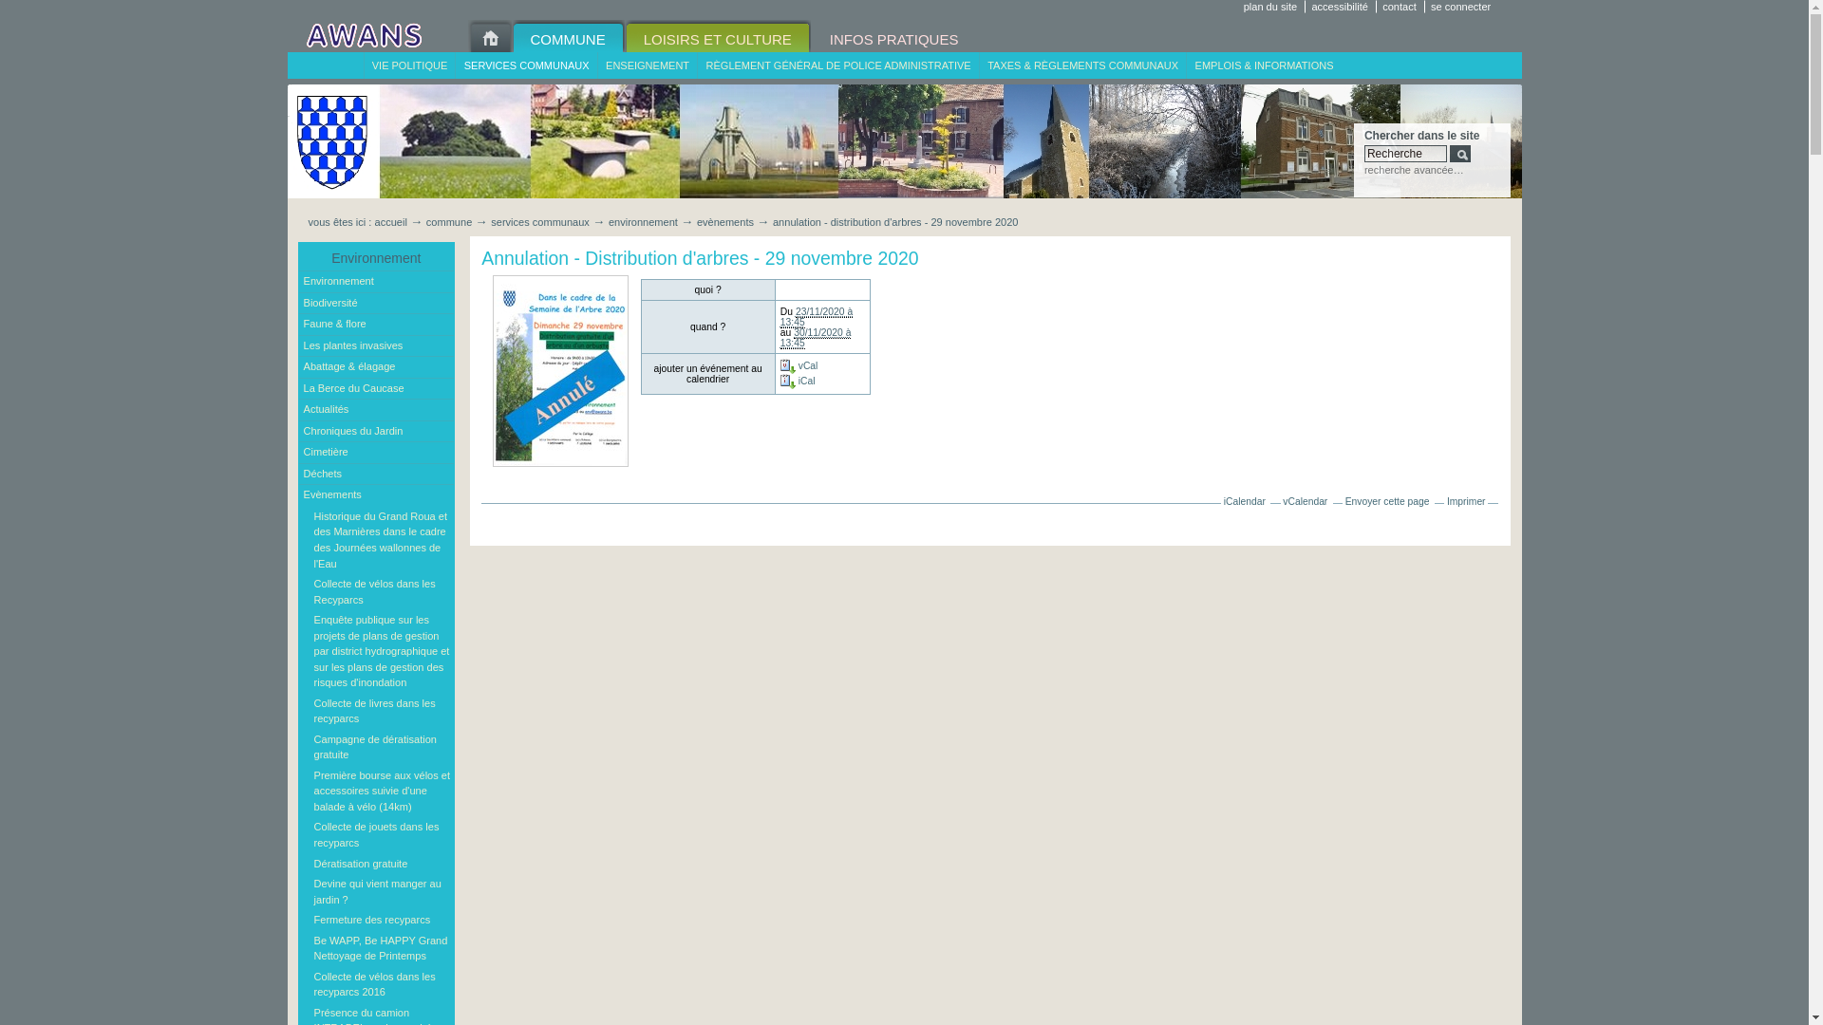  Describe the element at coordinates (1387, 500) in the screenshot. I see `'Envoyer cette page'` at that location.